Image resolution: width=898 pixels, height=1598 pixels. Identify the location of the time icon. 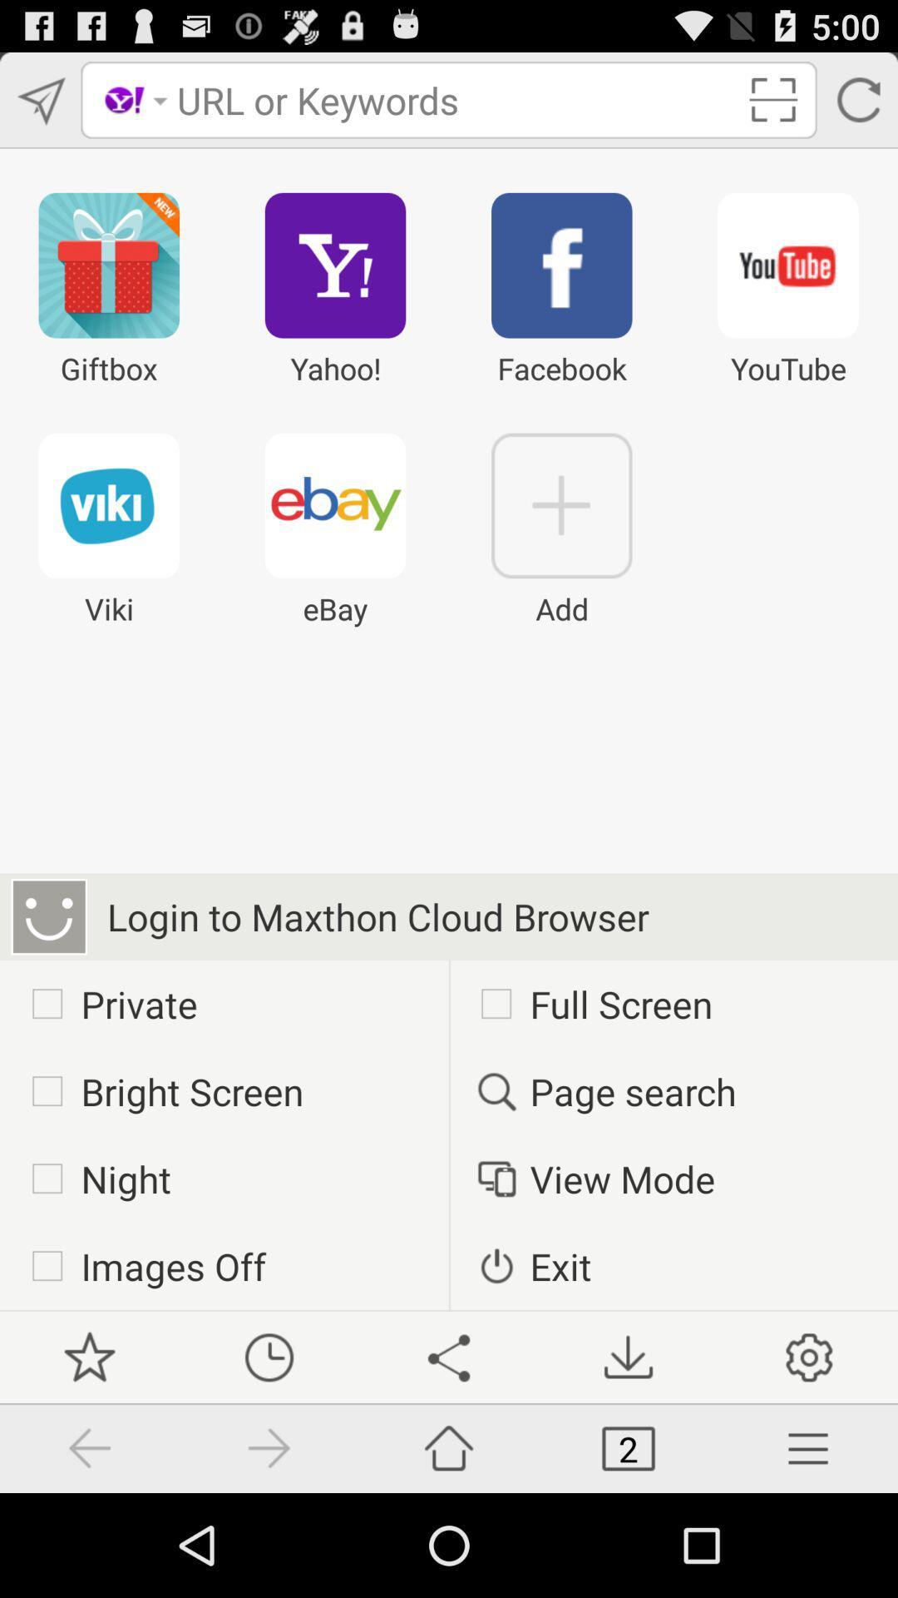
(269, 1452).